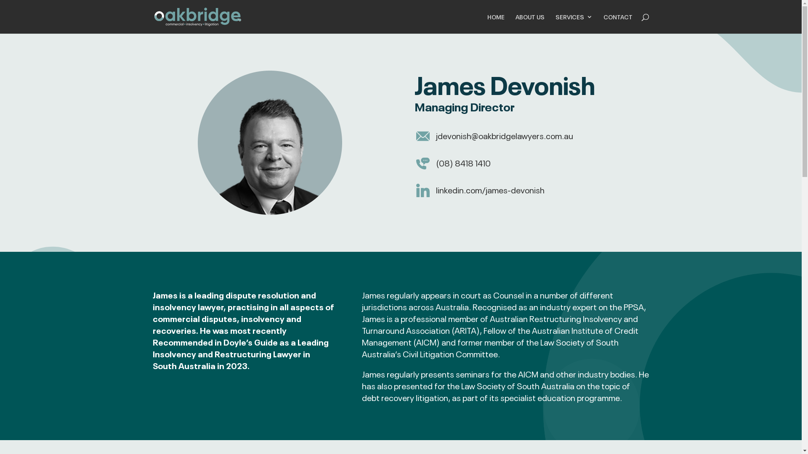  I want to click on 'CONTACT', so click(618, 23).